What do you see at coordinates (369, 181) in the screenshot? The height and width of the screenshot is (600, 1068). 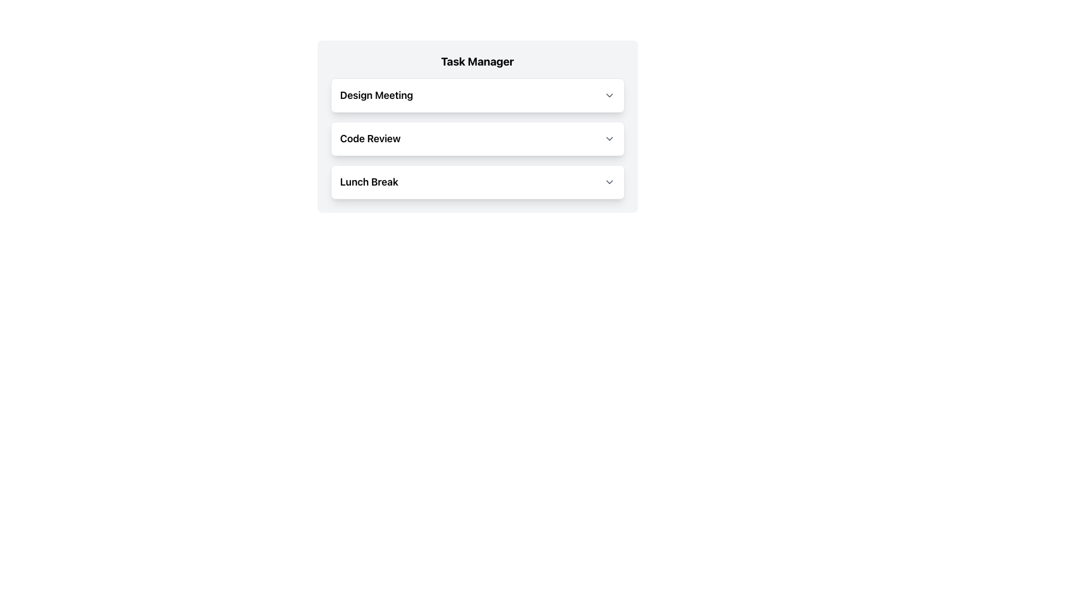 I see `the text label or heading that identifies the specific task or session in the first position of its row layout` at bounding box center [369, 181].